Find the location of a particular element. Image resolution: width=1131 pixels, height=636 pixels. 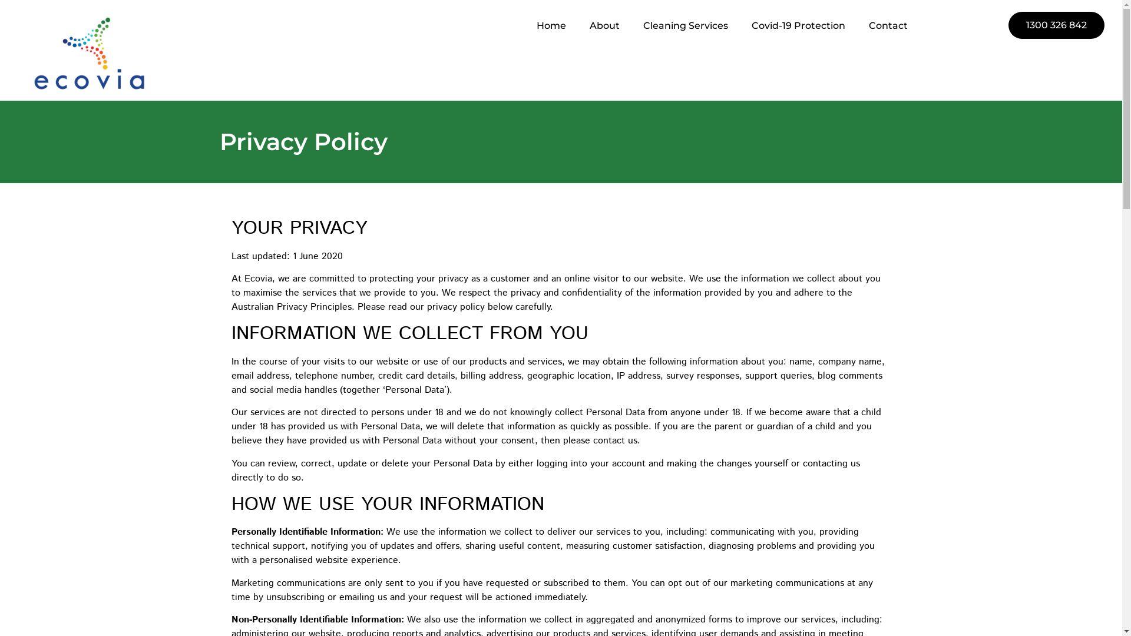

'Covid-19 Protection' is located at coordinates (798, 25).